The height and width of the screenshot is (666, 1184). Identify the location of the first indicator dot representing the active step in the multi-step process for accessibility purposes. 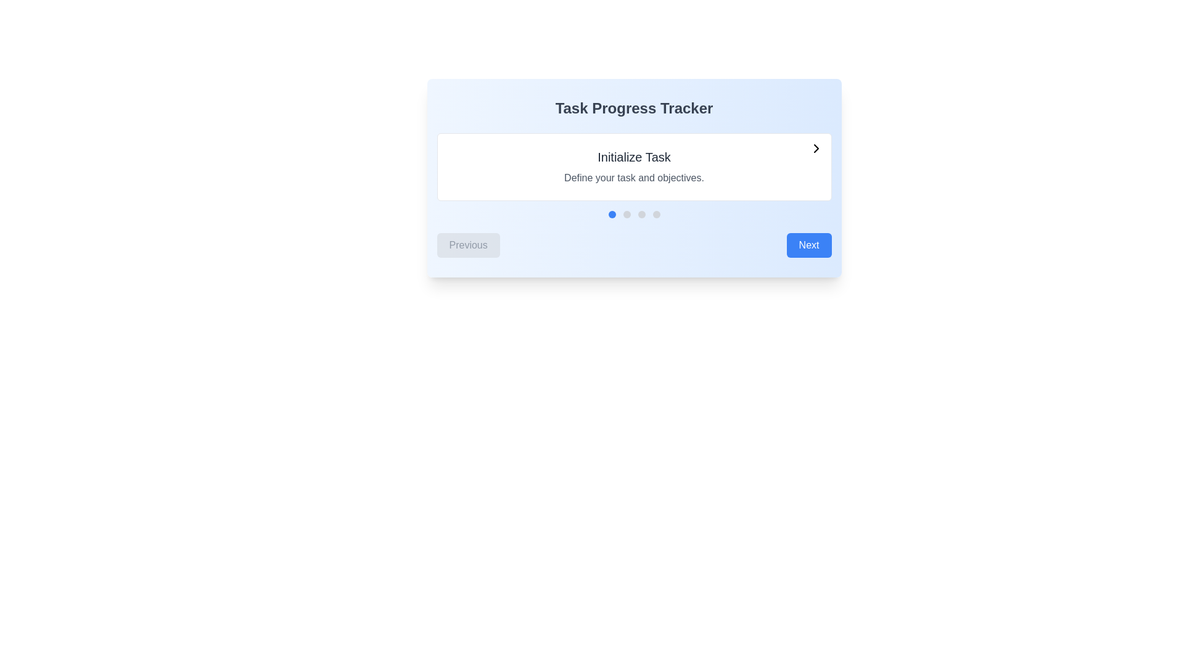
(612, 213).